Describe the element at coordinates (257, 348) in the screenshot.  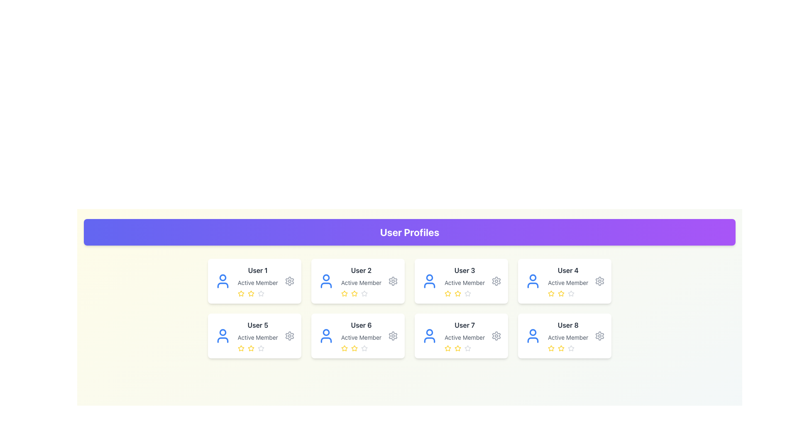
I see `the Rating Indicator located in the profile card of 'User 5', which is underneath the text 'Active Member' and aligned horizontally` at that location.